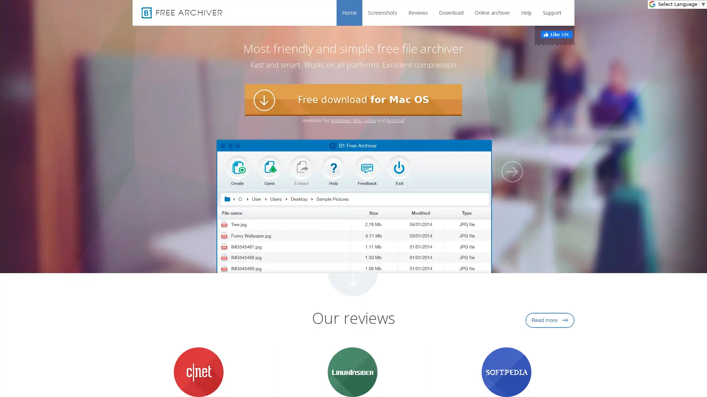  I want to click on Free download for Mac OS, so click(353, 100).